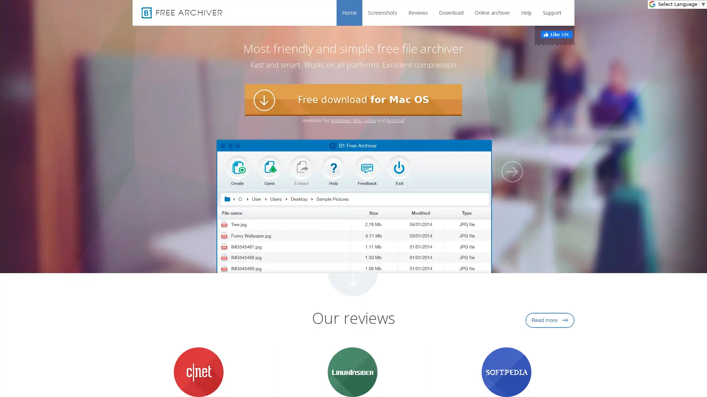  I want to click on Free download for Mac OS, so click(353, 100).